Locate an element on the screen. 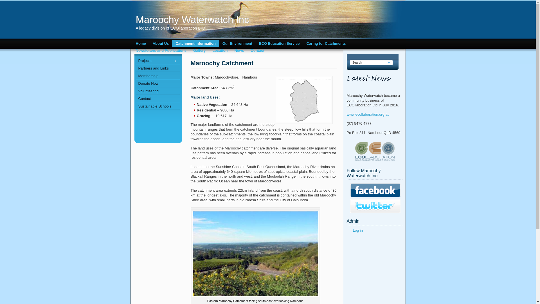  'Caring for Catchments' is located at coordinates (326, 43).